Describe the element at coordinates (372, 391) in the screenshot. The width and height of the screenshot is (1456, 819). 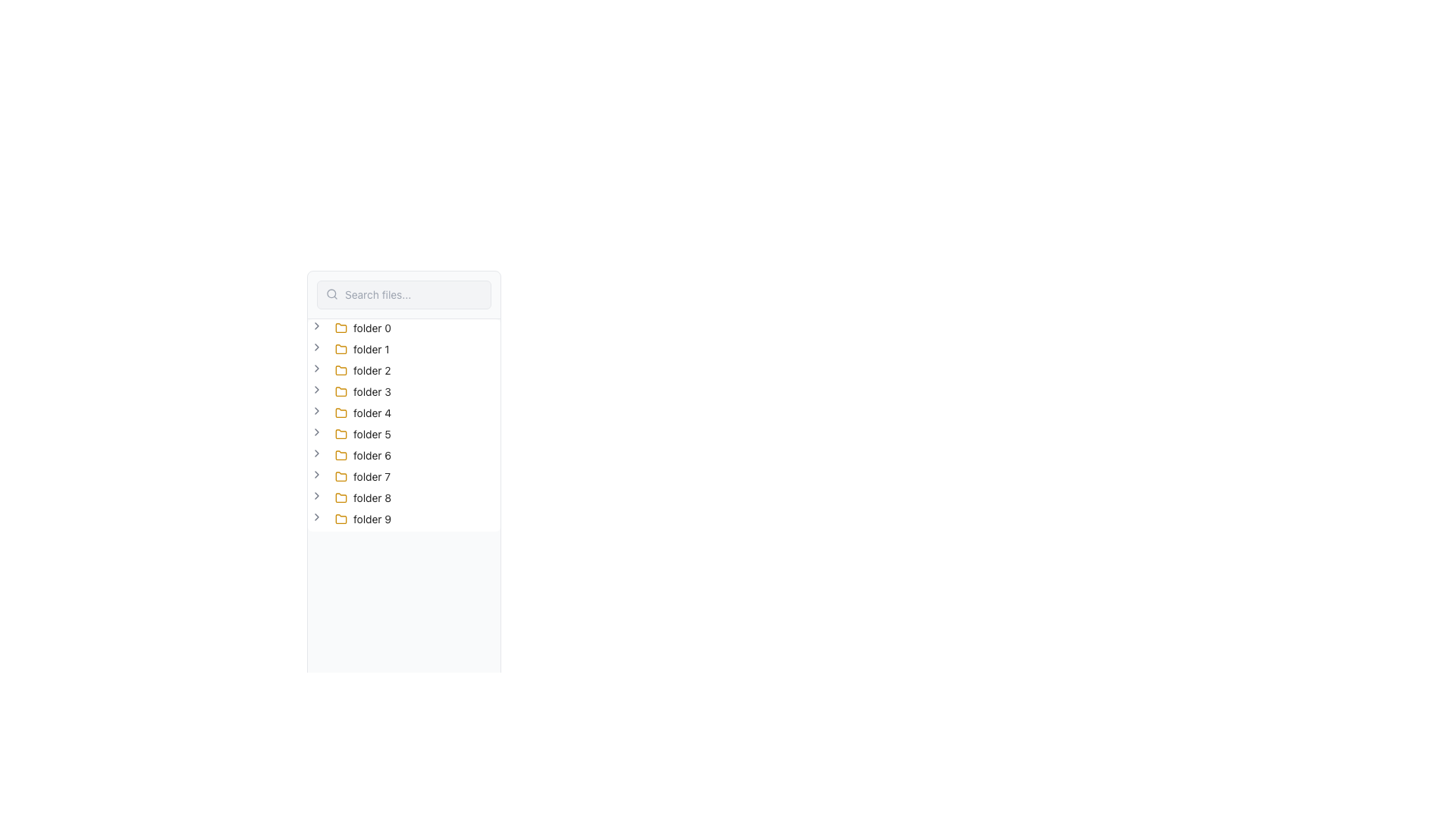
I see `the non-interactive text label identifying 'folder 3' located in the sidebar, which is the fourth item in the list of folder items` at that location.